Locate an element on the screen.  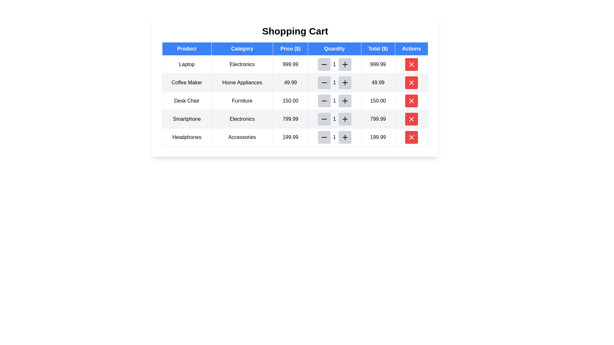
static text label that displays 'Coffee Maker', located in the second row, first column of the shopping cart table is located at coordinates (186, 82).